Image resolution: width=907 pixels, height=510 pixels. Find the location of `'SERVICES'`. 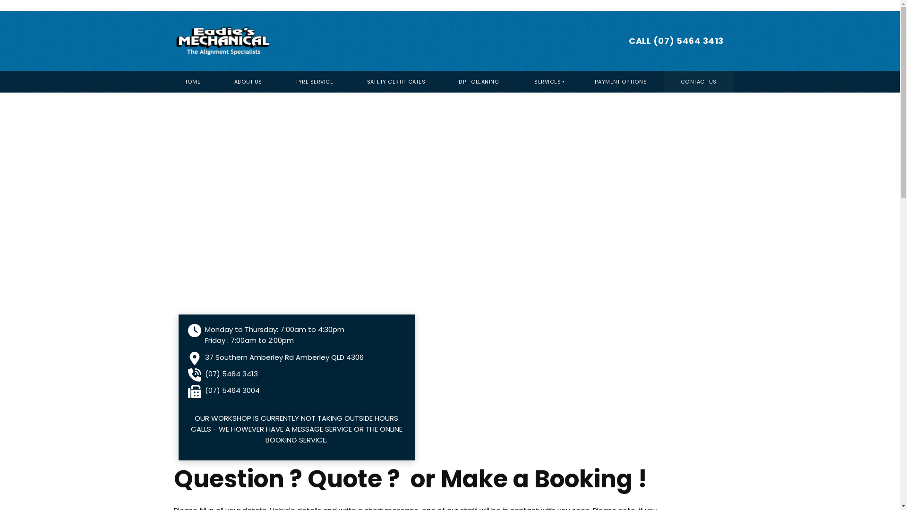

'SERVICES' is located at coordinates (547, 81).